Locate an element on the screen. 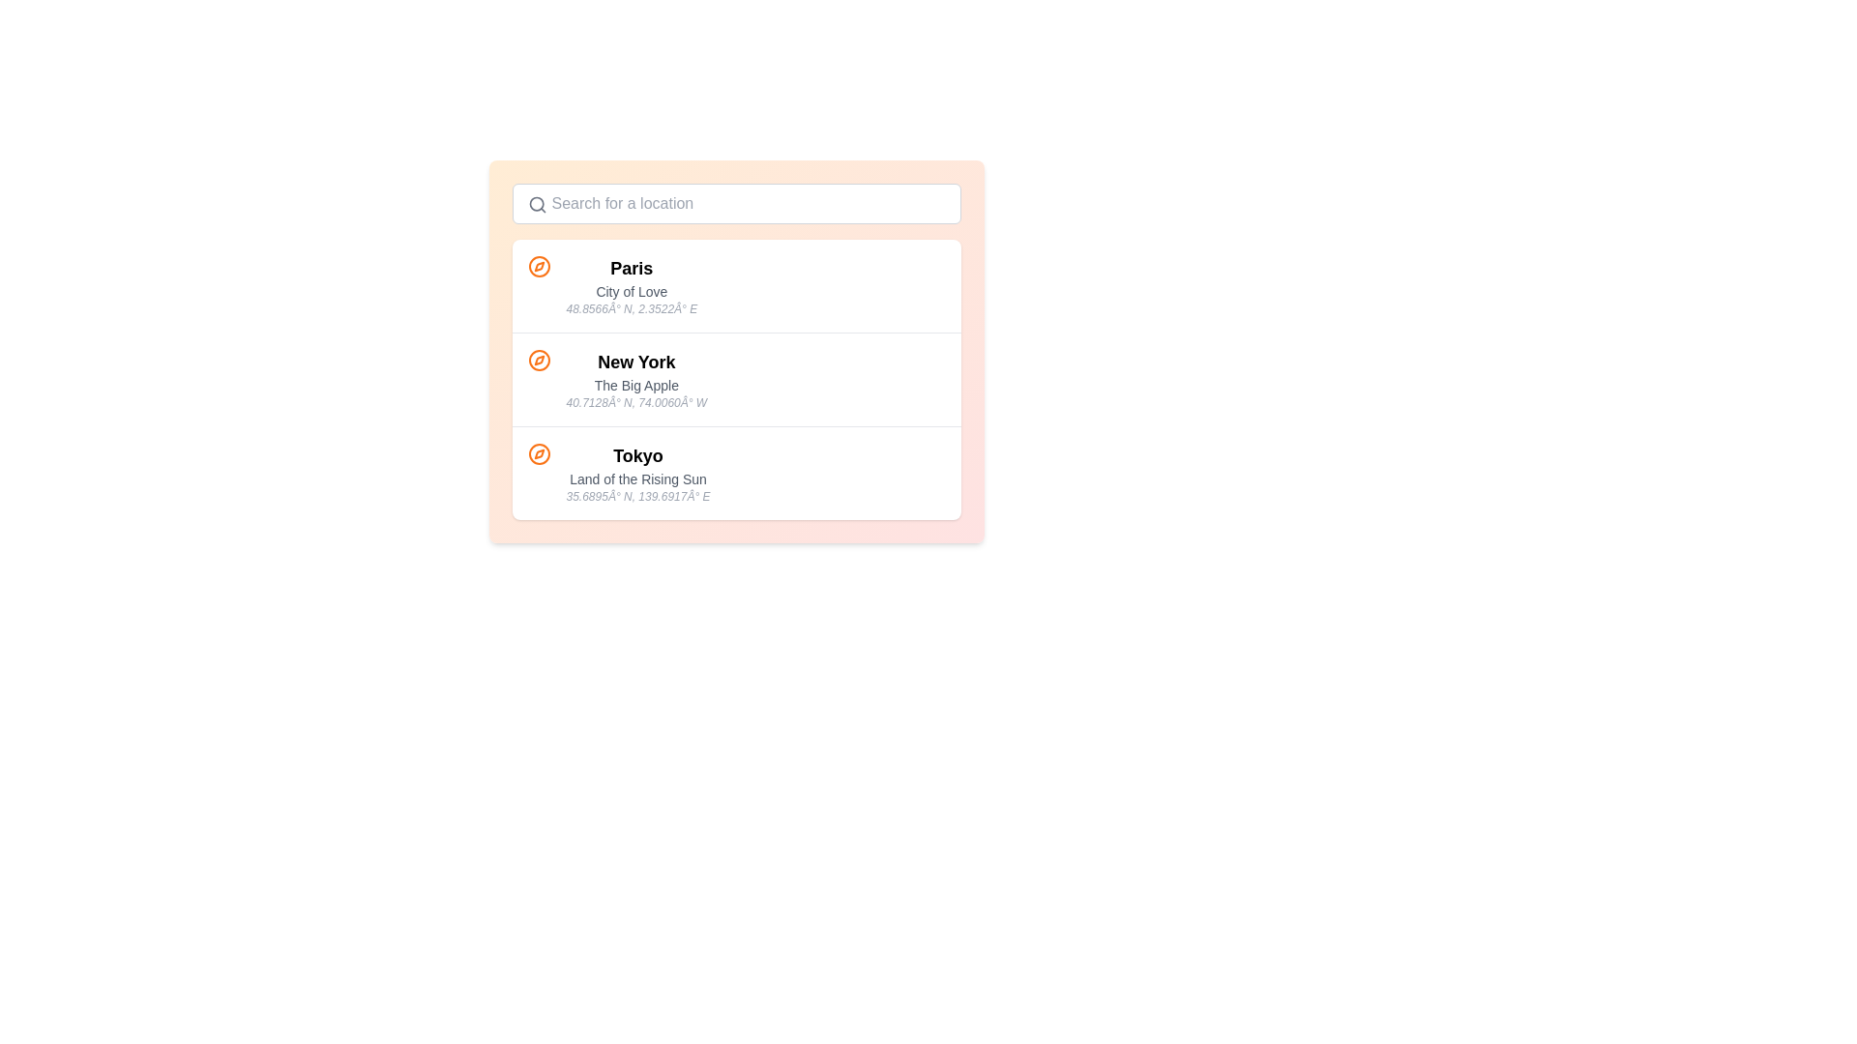 The width and height of the screenshot is (1857, 1044). the circular icon with an orange outline depicting a compass shape, located to the left of the text 'Tokyo' in the third position of the scrolling view is located at coordinates (539, 454).